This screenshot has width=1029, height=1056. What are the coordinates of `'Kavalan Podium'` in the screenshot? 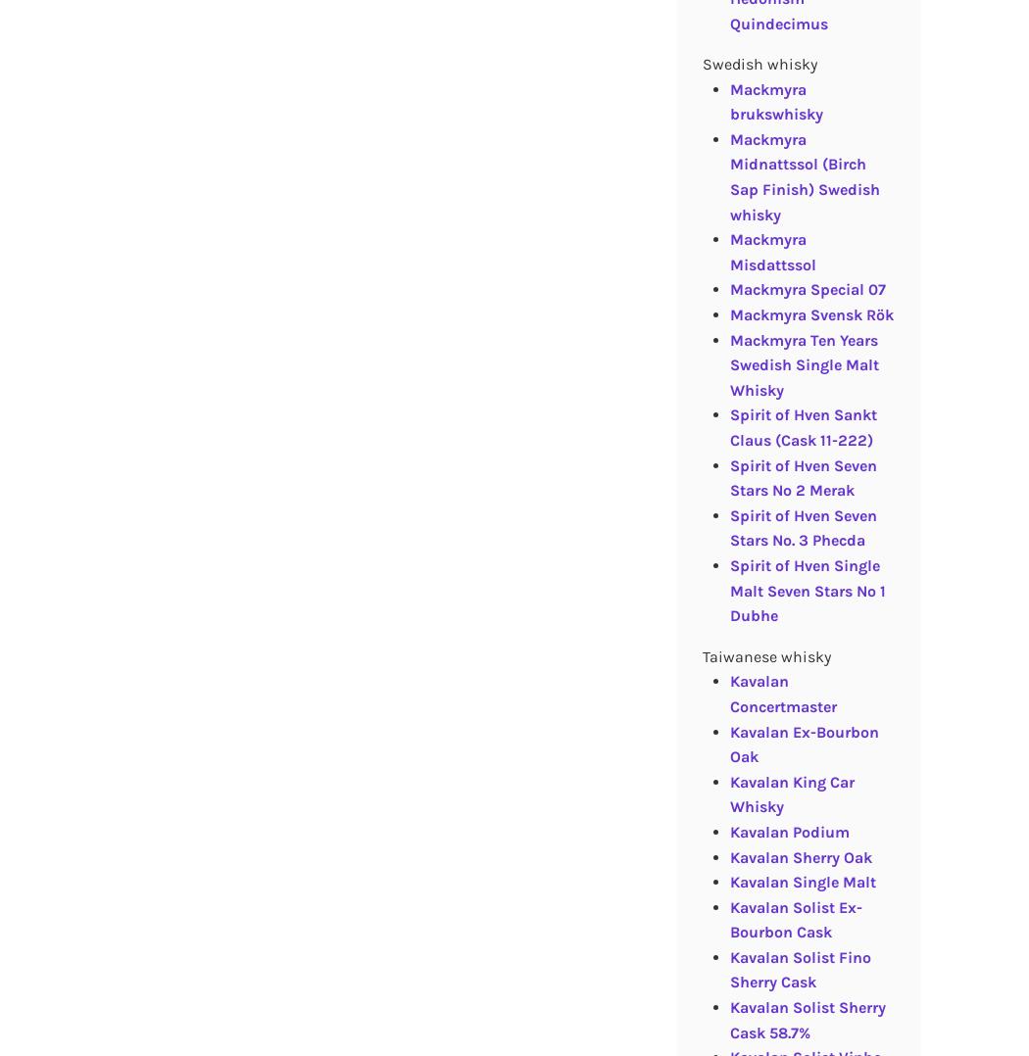 It's located at (788, 830).